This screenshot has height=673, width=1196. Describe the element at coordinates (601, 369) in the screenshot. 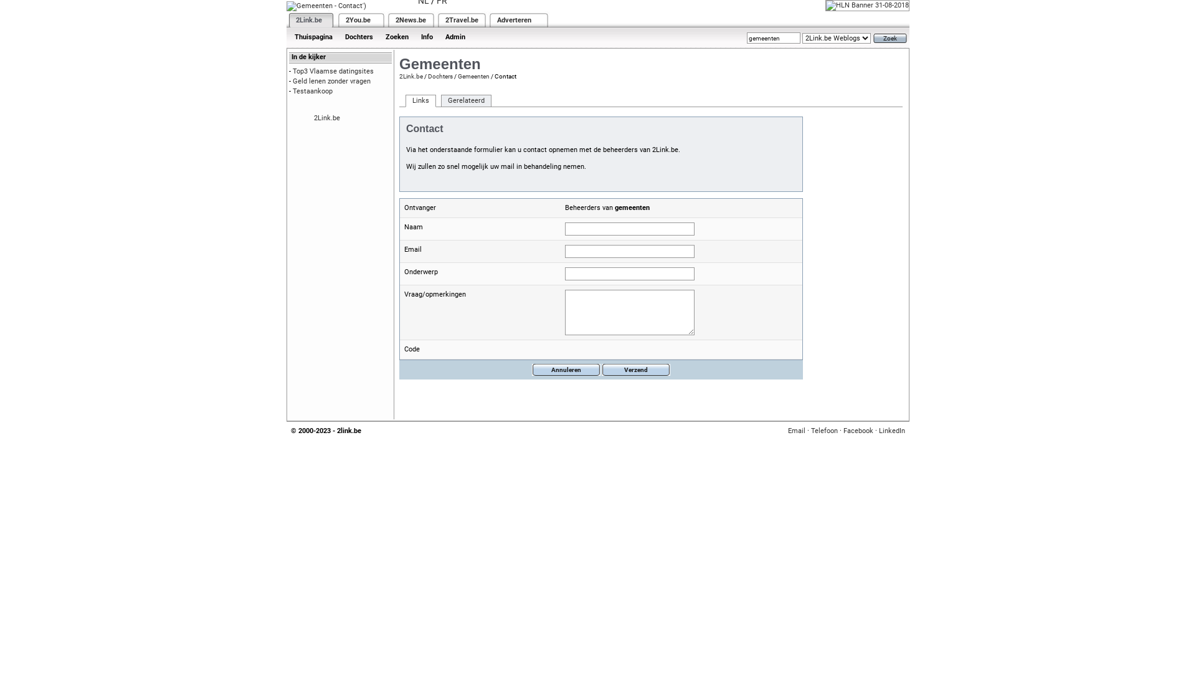

I see `'Verzend'` at that location.